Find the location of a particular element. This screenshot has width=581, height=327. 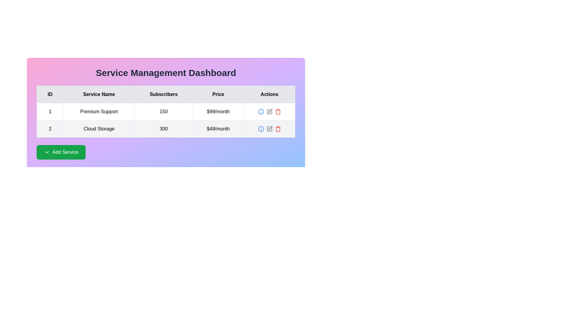

information displayed in the text label showing '$99/month' in the Service Management Dashboard, located in the fourth column of the first row under the 'Price' header is located at coordinates (218, 112).